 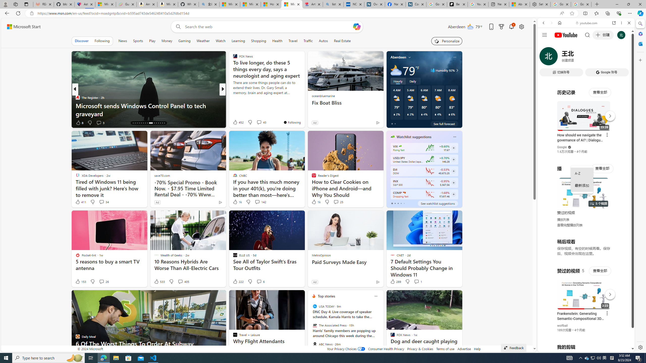 I want to click on 'Class: follow-button  m', so click(x=453, y=194).